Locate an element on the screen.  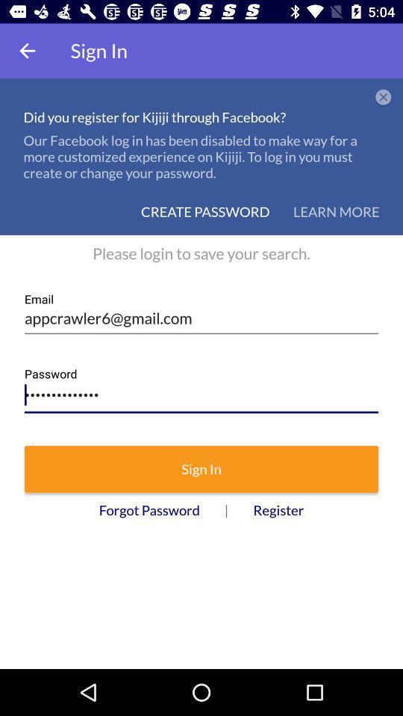
cancel button is located at coordinates (384, 97).